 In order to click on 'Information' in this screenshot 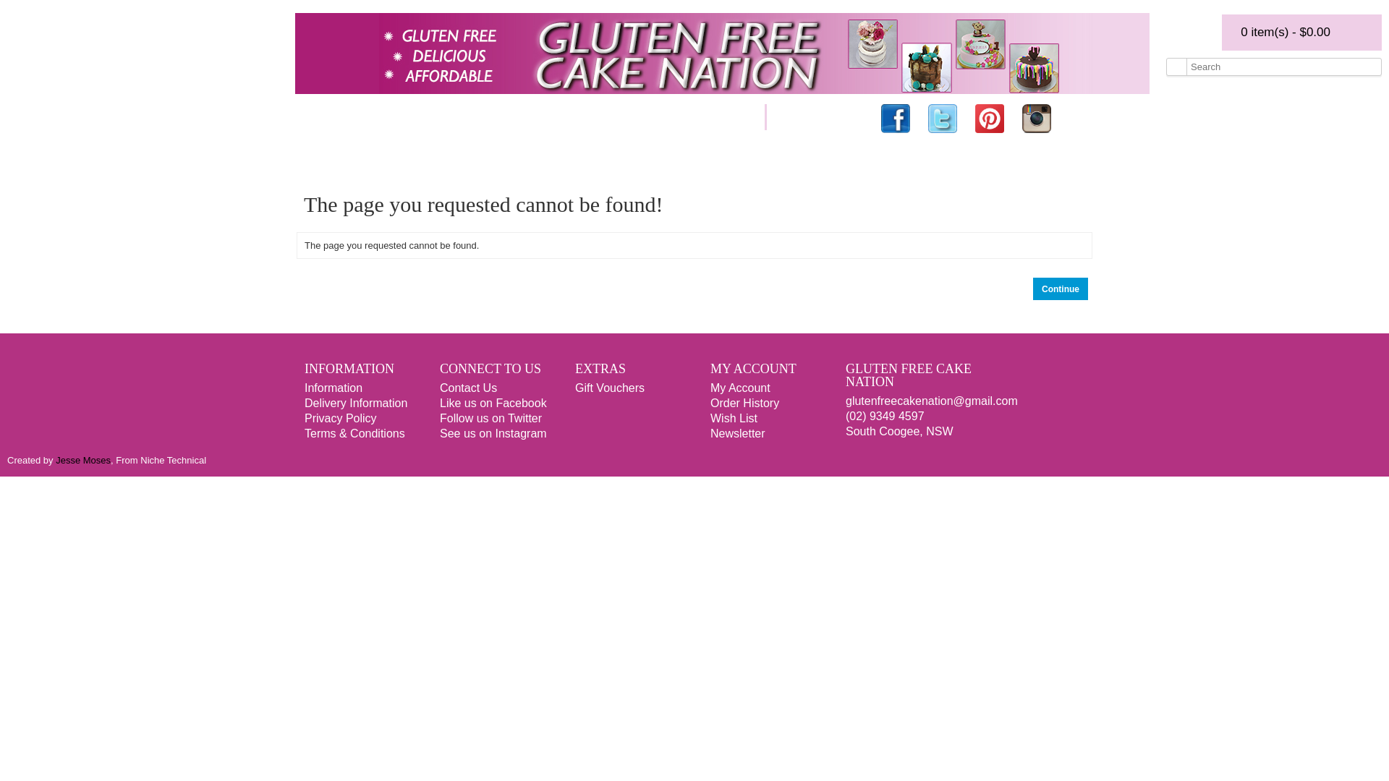, I will do `click(332, 387)`.